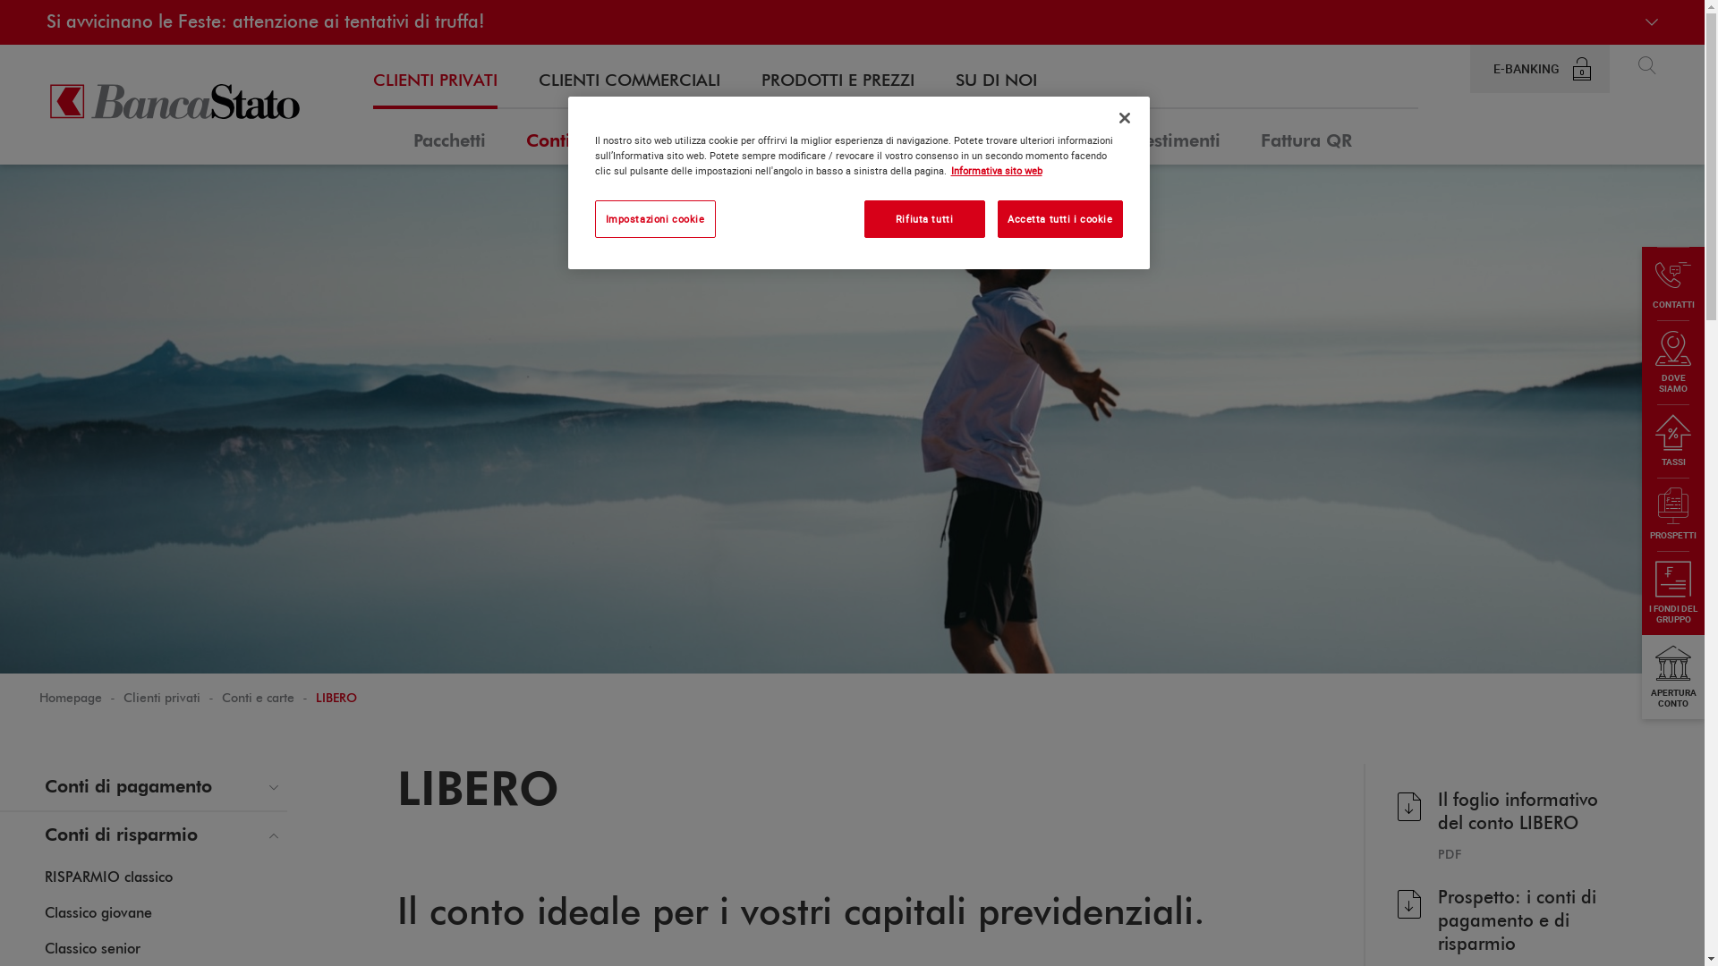  I want to click on 'RISPARMIO classico', so click(107, 877).